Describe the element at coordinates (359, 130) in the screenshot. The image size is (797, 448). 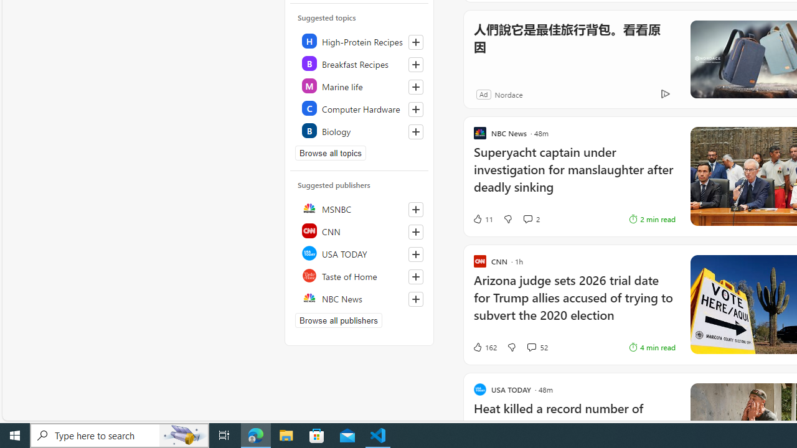
I see `'Class: highlight'` at that location.